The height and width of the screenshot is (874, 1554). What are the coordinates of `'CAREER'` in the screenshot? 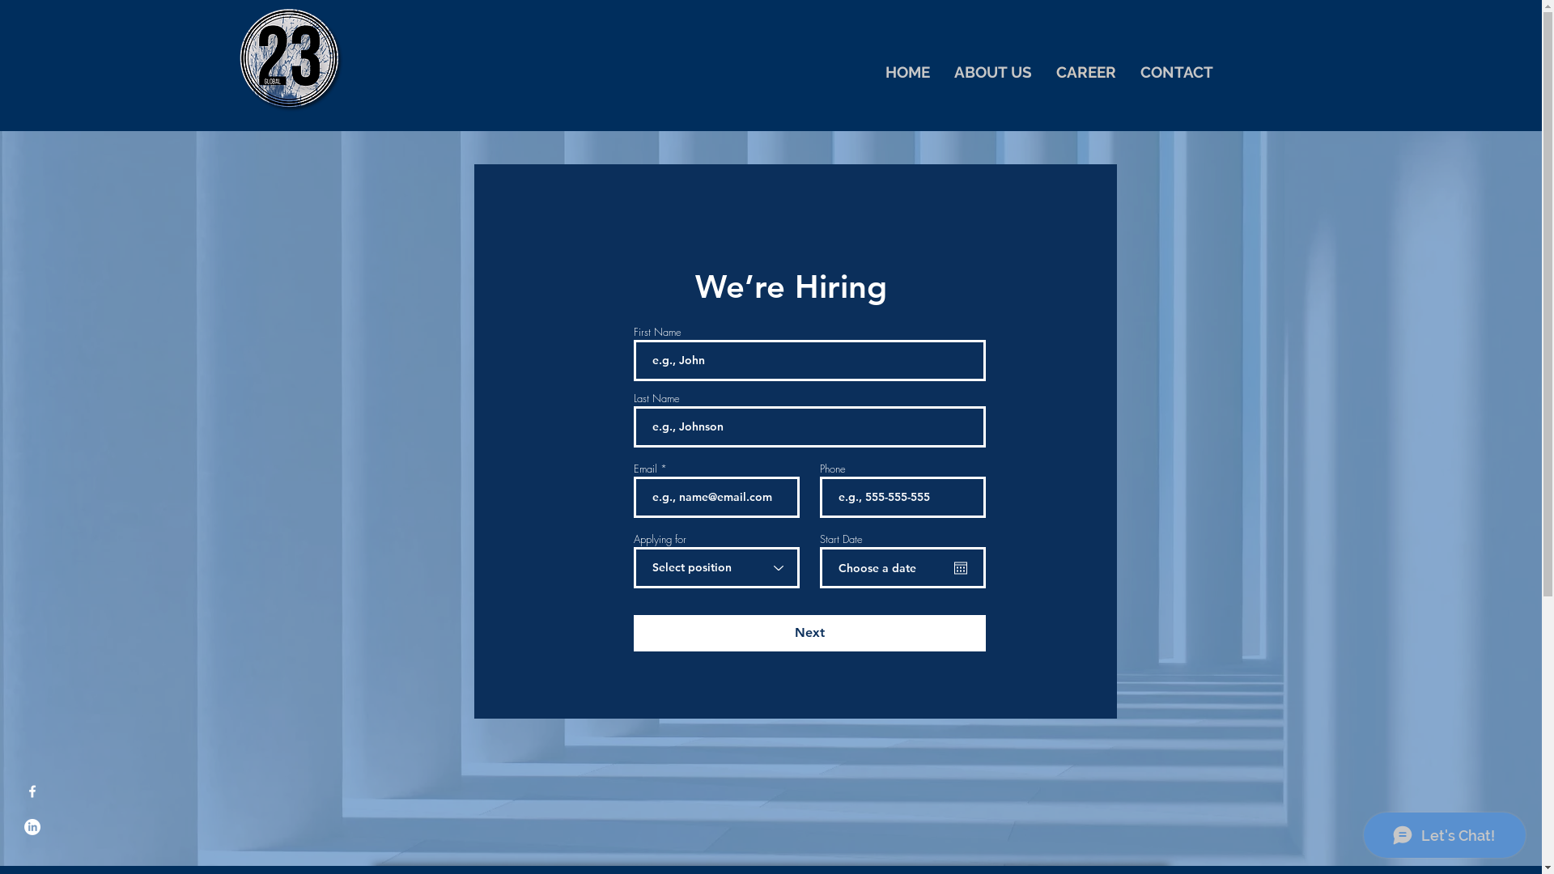 It's located at (1086, 70).